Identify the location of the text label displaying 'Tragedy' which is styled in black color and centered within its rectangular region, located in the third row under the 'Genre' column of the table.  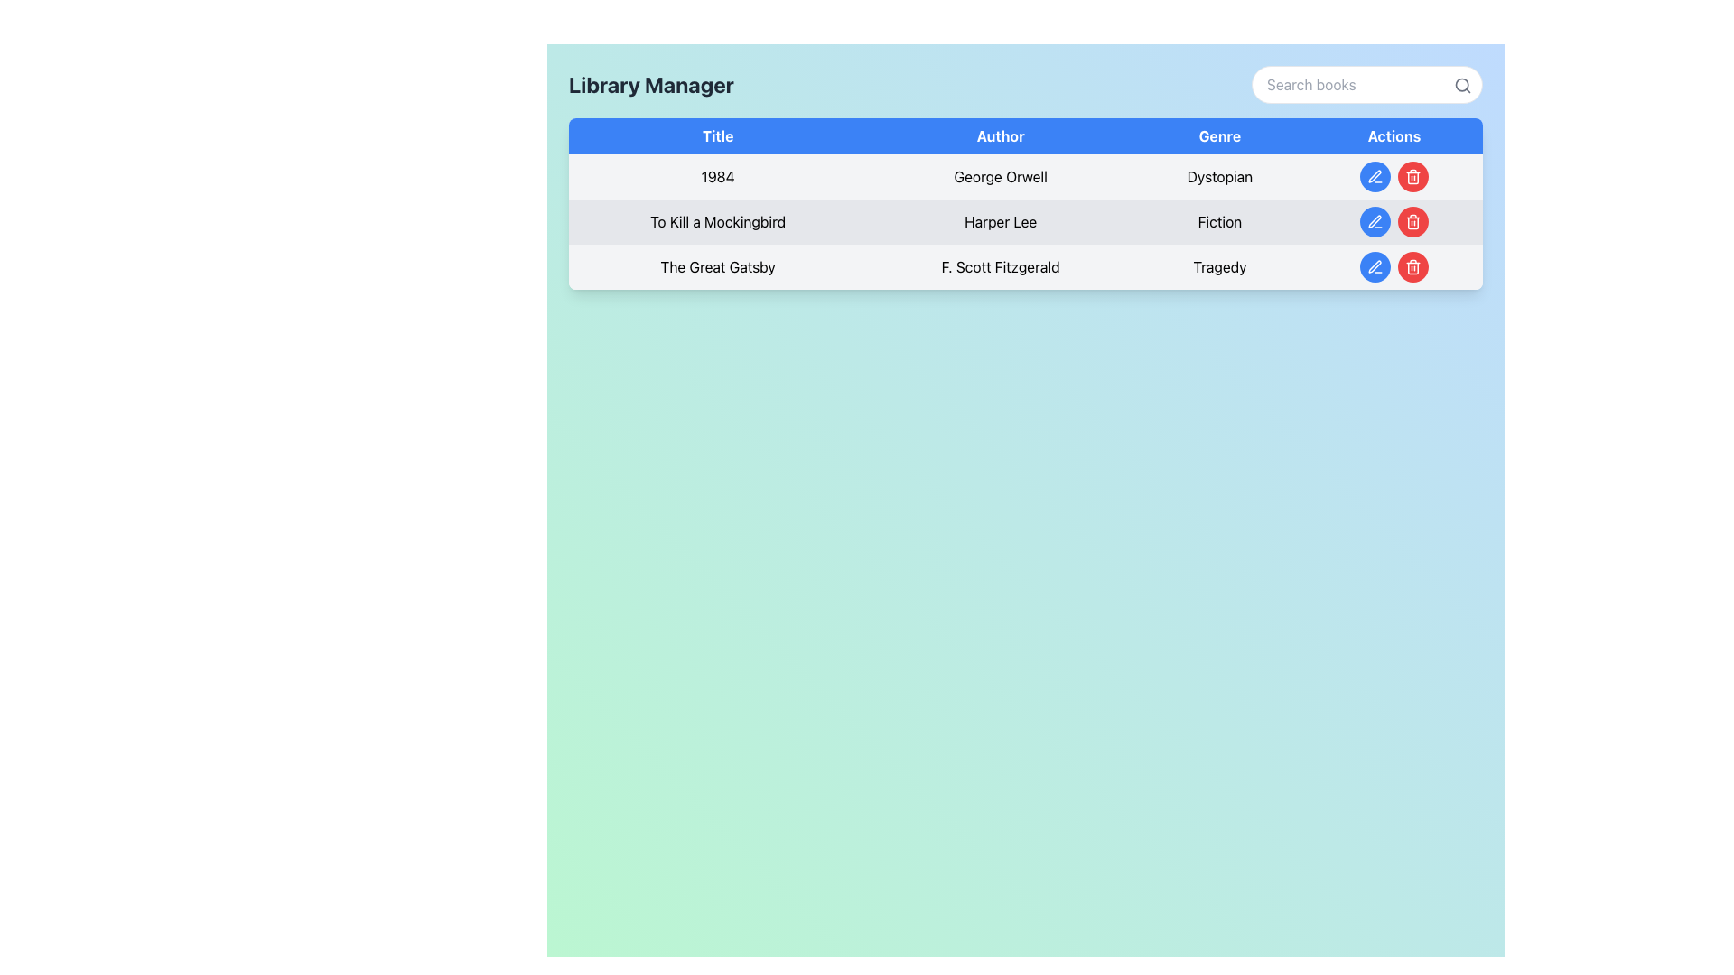
(1219, 267).